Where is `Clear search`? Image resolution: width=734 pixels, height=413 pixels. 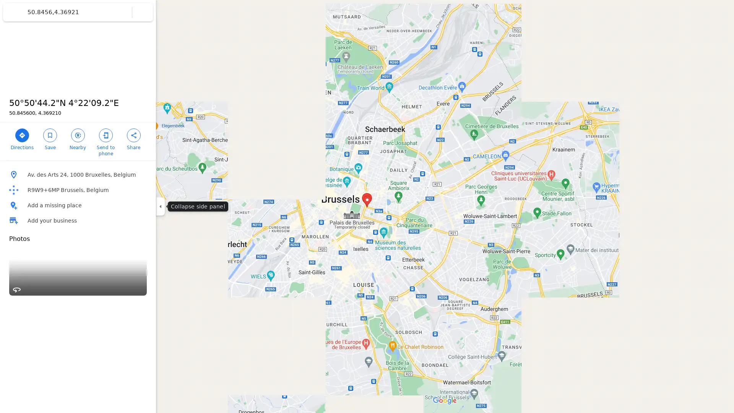
Clear search is located at coordinates (143, 12).